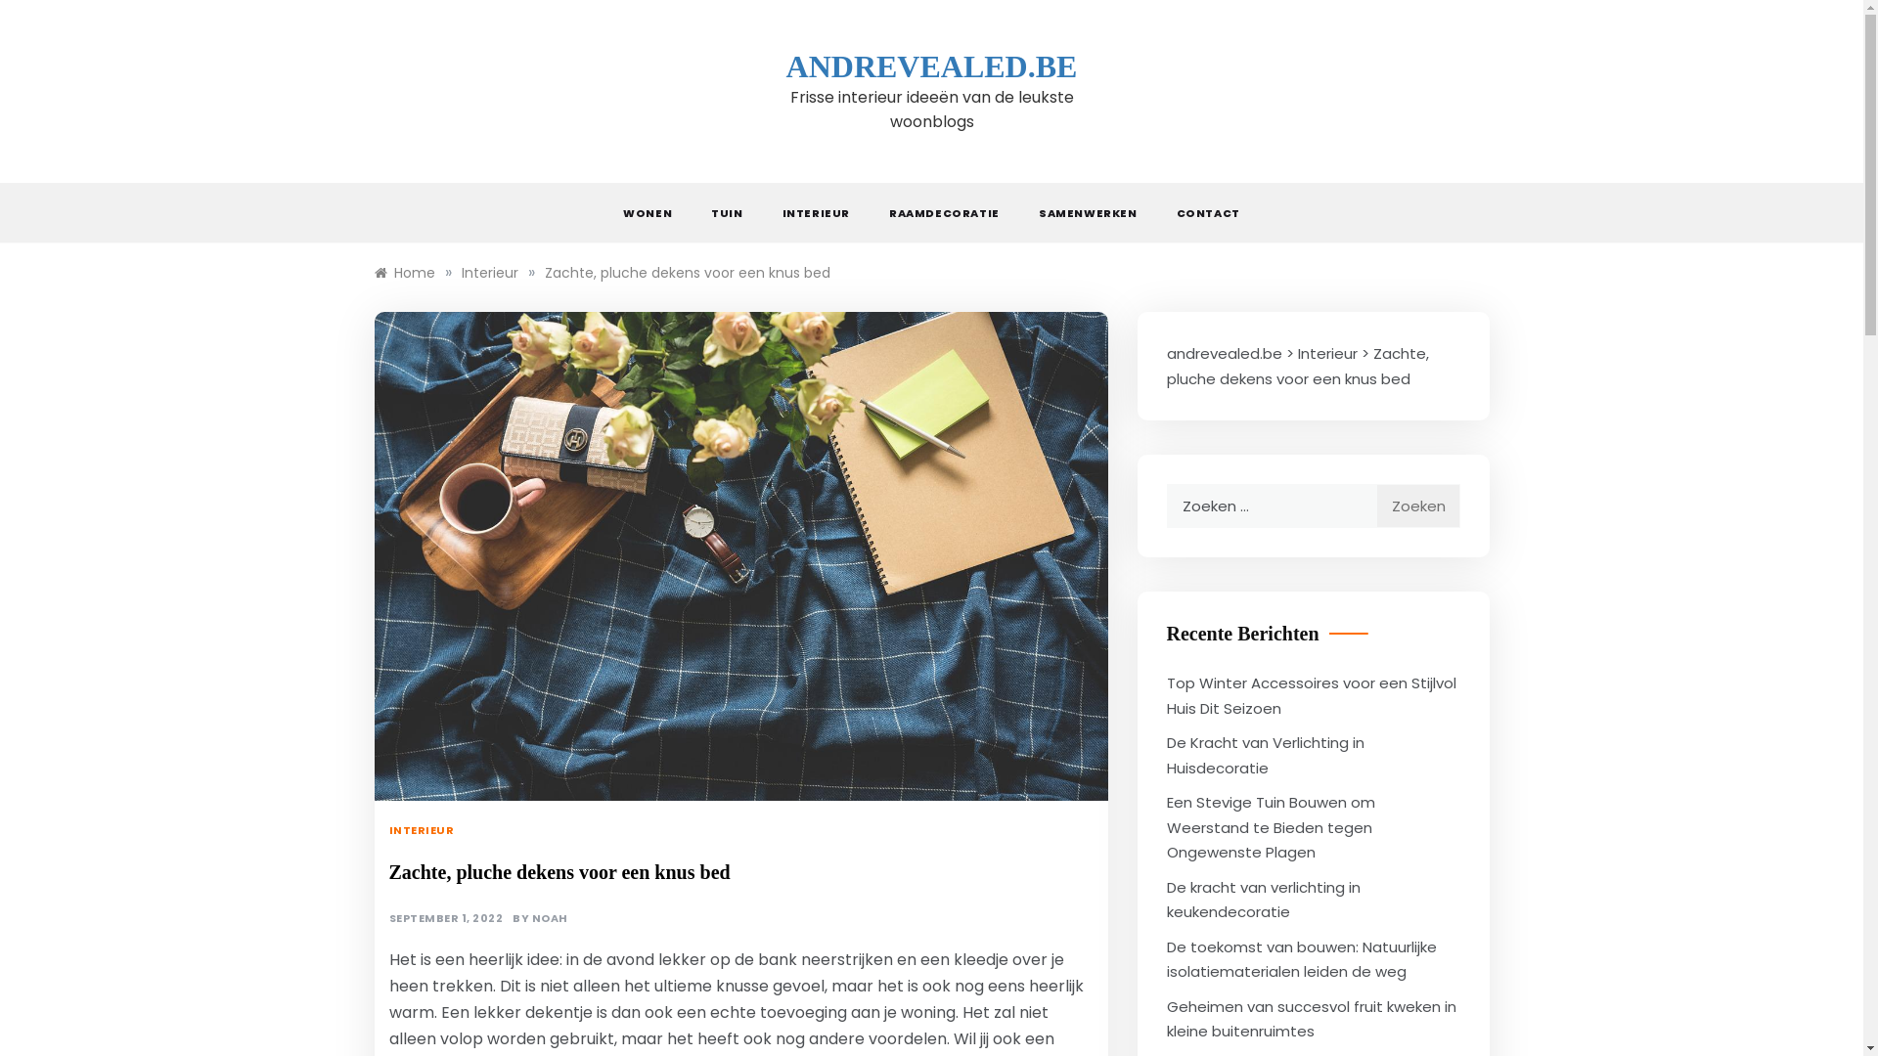 The height and width of the screenshot is (1056, 1878). Describe the element at coordinates (726, 213) in the screenshot. I see `'TUIN'` at that location.